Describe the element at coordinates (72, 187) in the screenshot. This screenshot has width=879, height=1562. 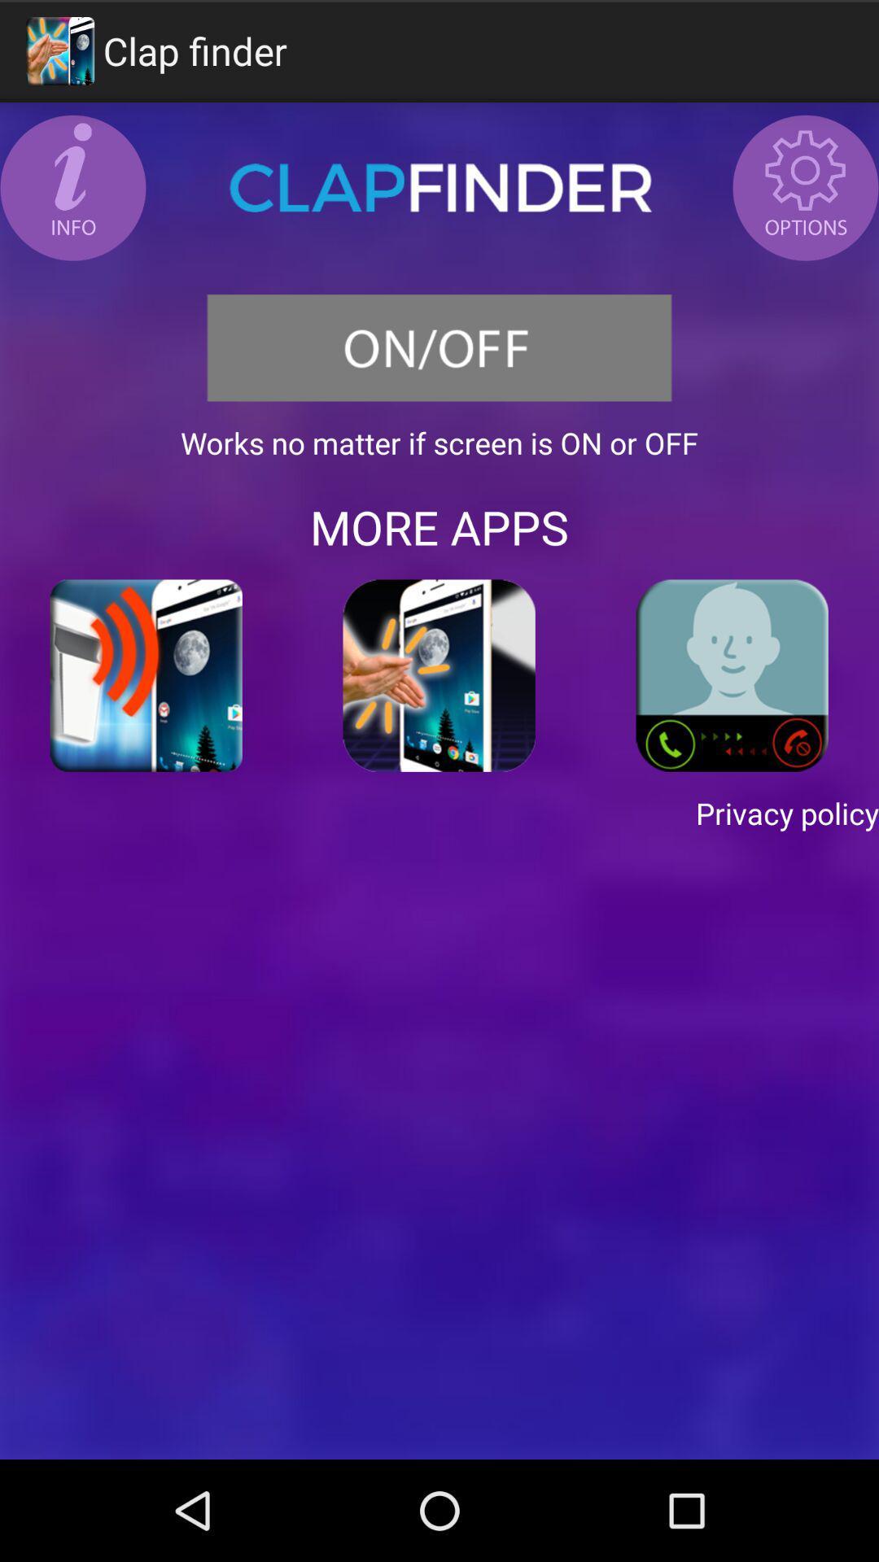
I see `get information` at that location.